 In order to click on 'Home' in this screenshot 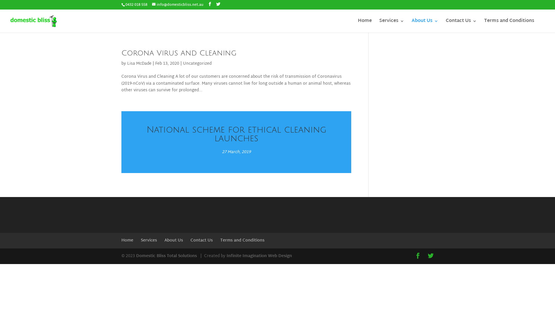, I will do `click(127, 240)`.